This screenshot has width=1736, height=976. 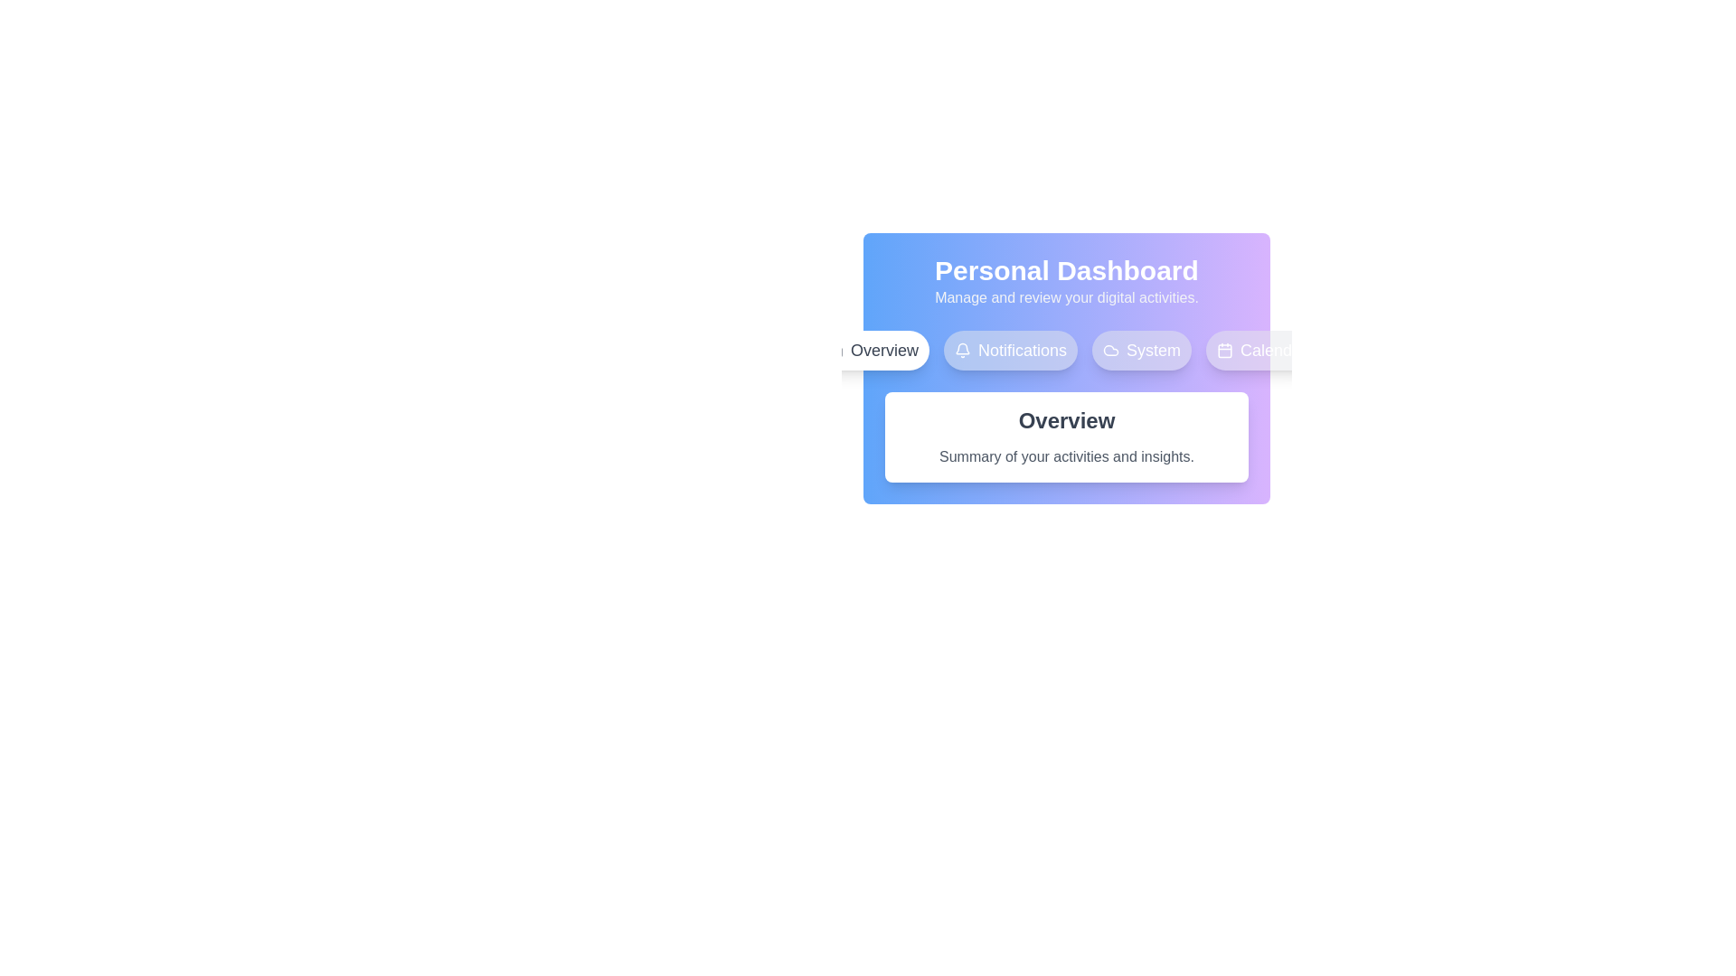 I want to click on the tab labeled Notifications, so click(x=1010, y=351).